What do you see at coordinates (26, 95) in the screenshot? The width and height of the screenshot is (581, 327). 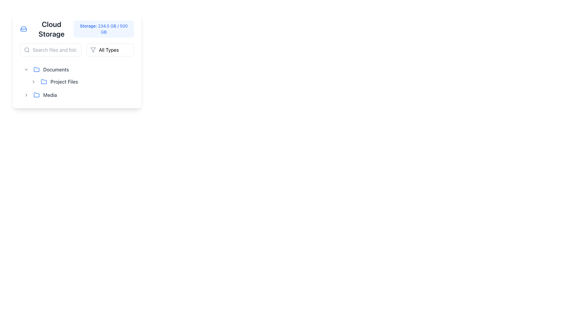 I see `the chevron icon adjacent to the 'Media' folder in the 'Cloud Storage' section` at bounding box center [26, 95].